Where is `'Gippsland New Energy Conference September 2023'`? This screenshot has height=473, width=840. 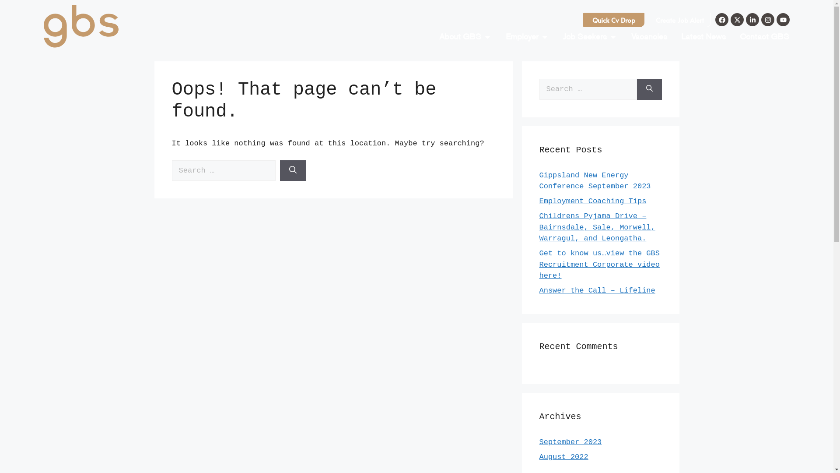
'Gippsland New Energy Conference September 2023' is located at coordinates (595, 180).